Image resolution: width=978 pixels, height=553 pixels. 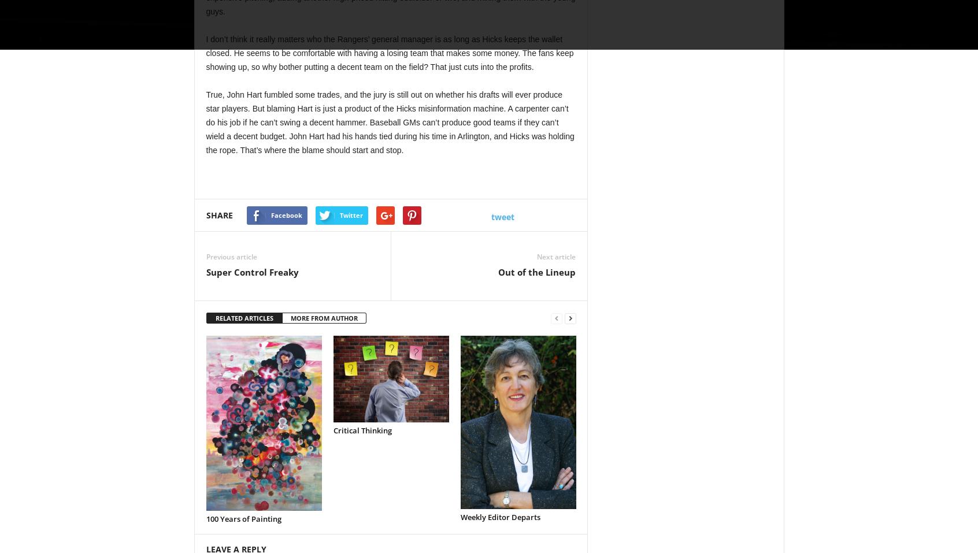 What do you see at coordinates (243, 318) in the screenshot?
I see `'RELATED ARTICLES'` at bounding box center [243, 318].